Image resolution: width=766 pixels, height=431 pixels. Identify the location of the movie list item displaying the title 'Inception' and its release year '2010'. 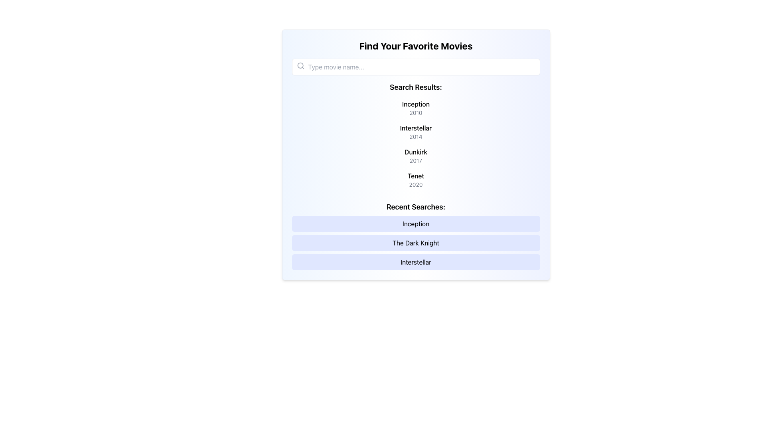
(415, 108).